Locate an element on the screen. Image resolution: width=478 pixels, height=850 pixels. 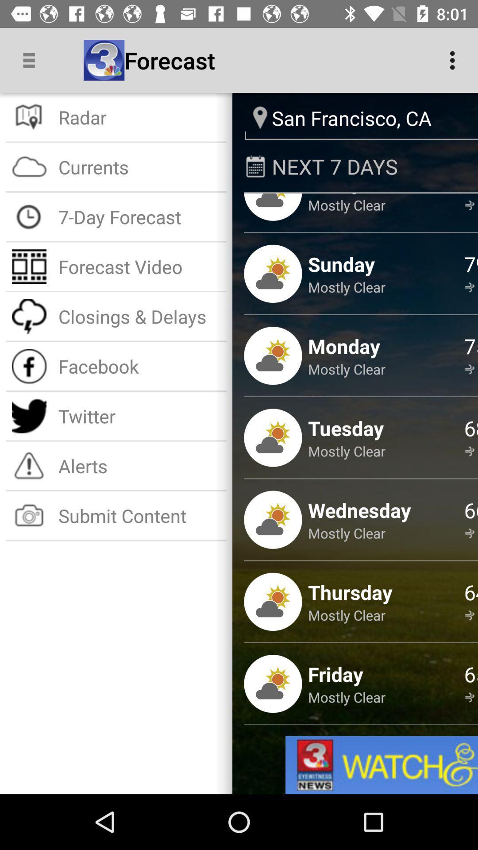
radar is located at coordinates (139, 116).